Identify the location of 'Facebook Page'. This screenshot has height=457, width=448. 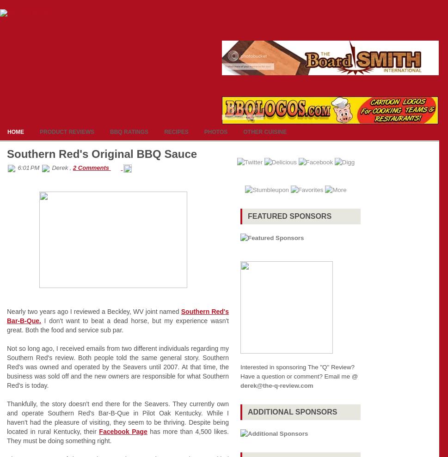
(98, 431).